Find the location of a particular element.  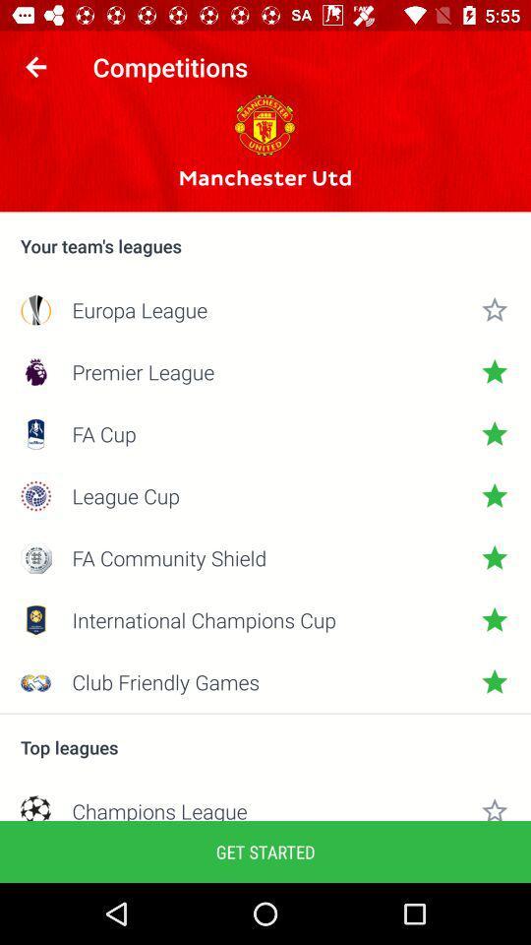

league cup item is located at coordinates (265, 495).